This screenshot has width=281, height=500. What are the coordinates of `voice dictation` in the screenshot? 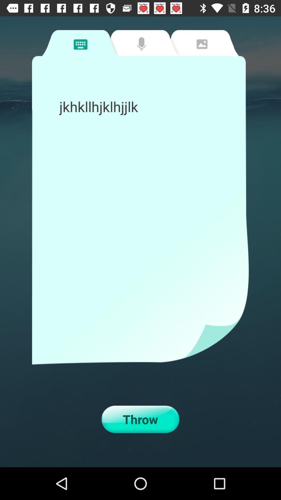 It's located at (140, 43).